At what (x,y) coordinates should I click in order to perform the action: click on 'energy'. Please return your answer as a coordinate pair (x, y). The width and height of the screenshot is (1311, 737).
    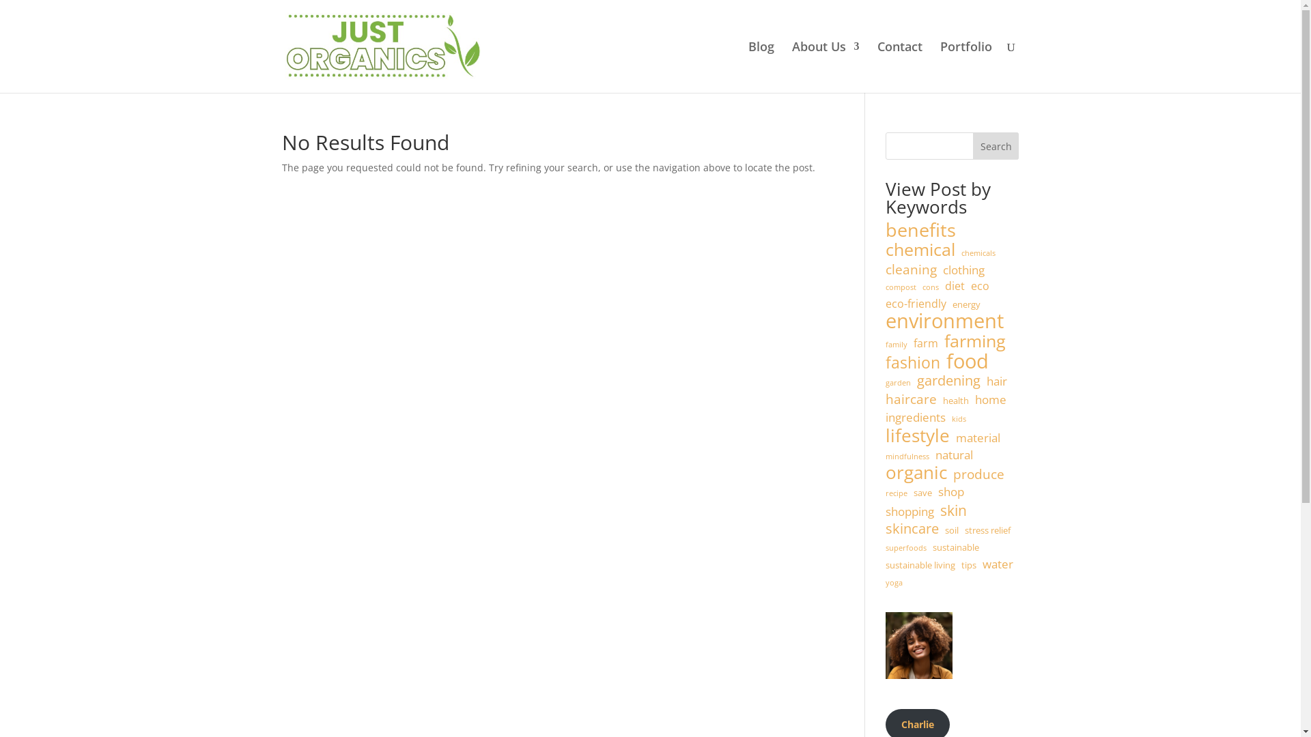
    Looking at the image, I should click on (965, 304).